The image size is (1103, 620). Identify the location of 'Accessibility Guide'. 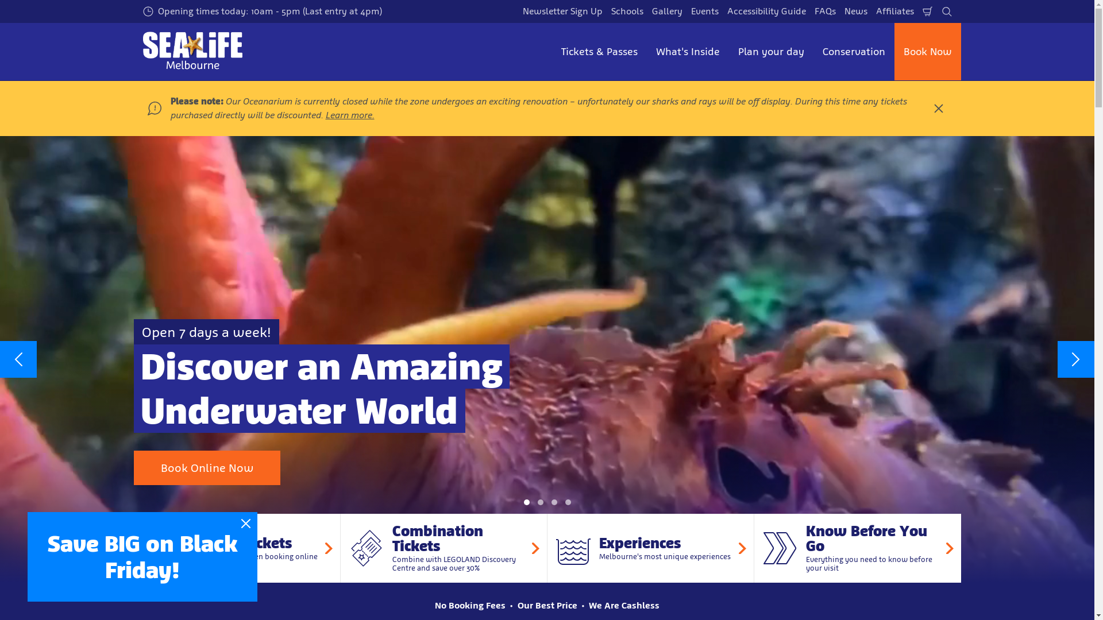
(766, 11).